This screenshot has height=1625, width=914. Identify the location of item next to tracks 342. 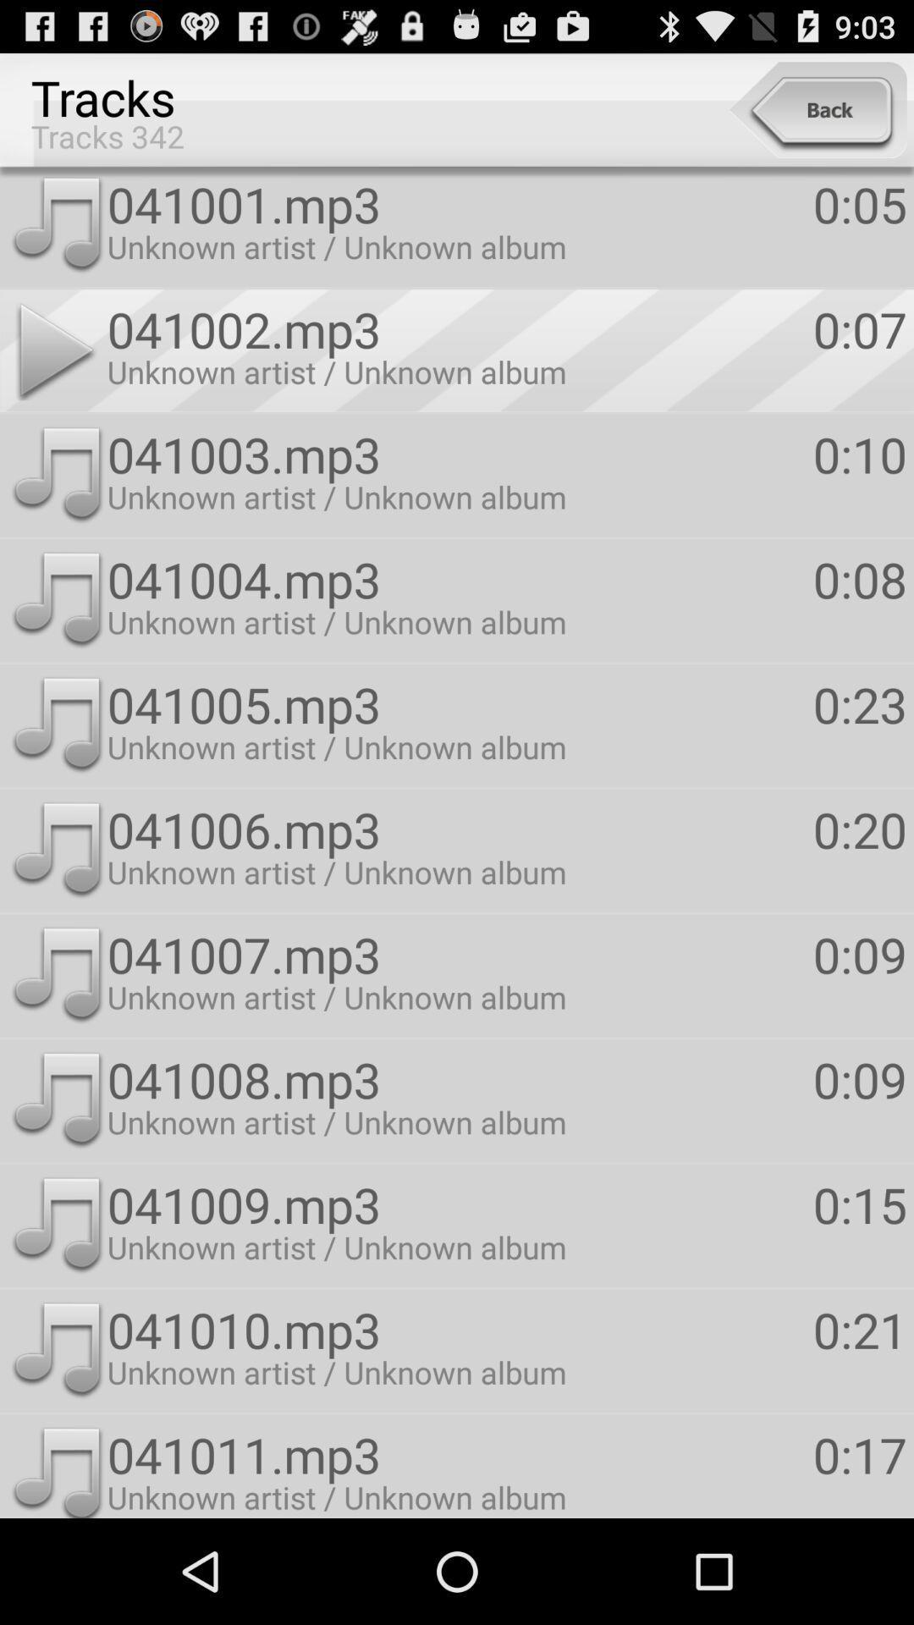
(817, 109).